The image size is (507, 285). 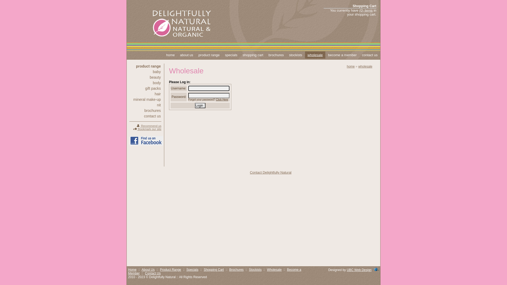 What do you see at coordinates (145, 105) in the screenshot?
I see `'nit'` at bounding box center [145, 105].